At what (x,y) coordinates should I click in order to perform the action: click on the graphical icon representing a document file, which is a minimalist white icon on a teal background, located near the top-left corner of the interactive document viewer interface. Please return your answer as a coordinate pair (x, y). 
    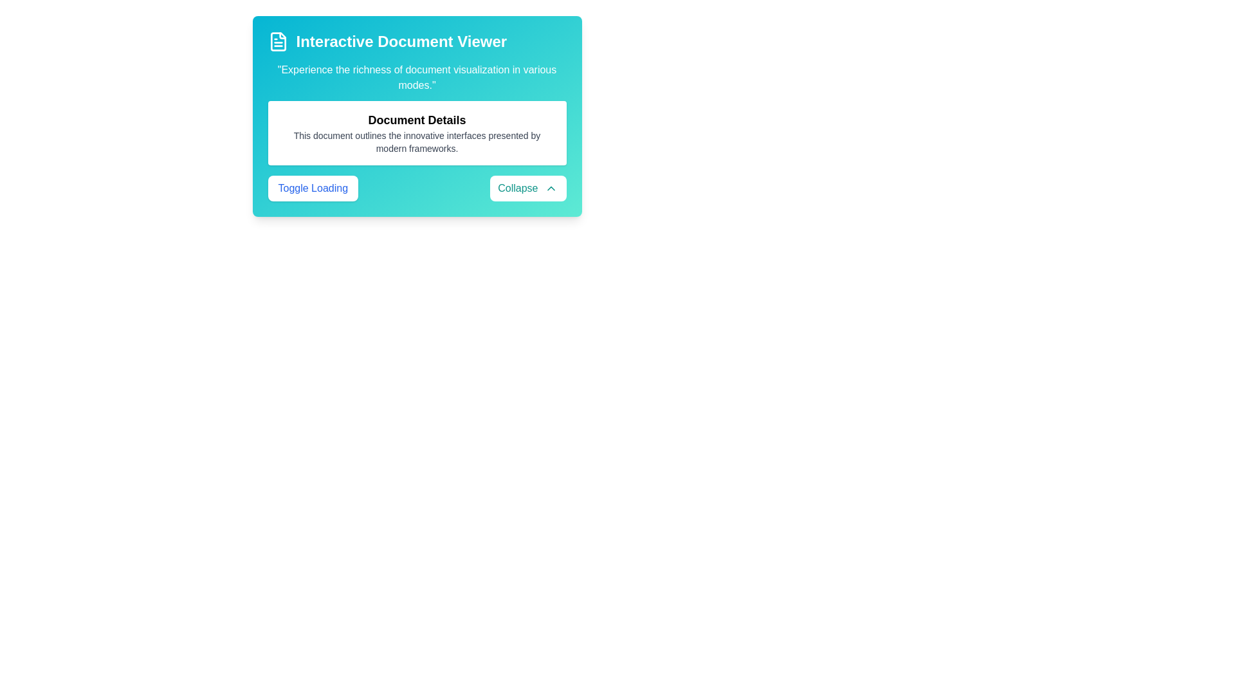
    Looking at the image, I should click on (277, 41).